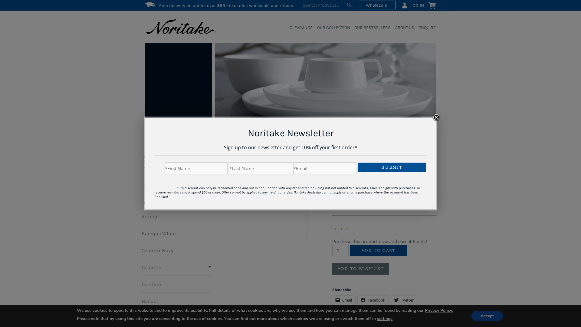 The height and width of the screenshot is (327, 581). I want to click on 'ABOUT US', so click(402, 28).